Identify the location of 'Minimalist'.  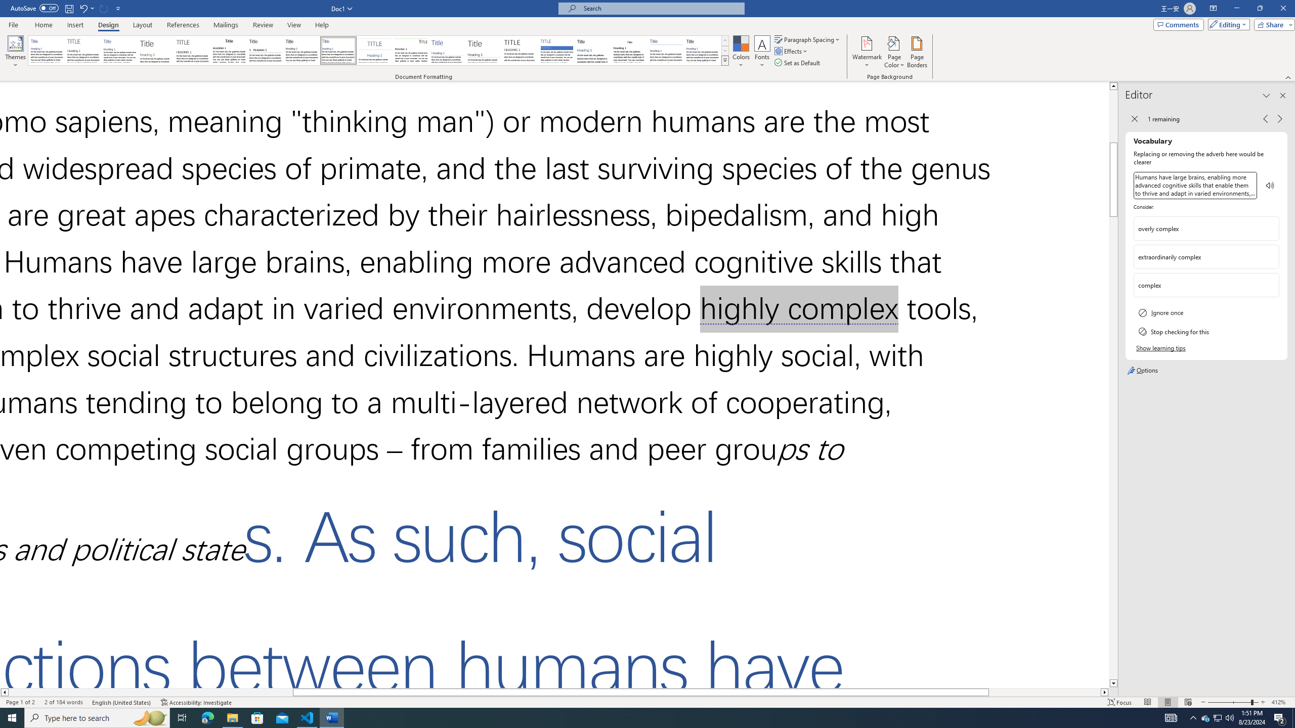
(520, 50).